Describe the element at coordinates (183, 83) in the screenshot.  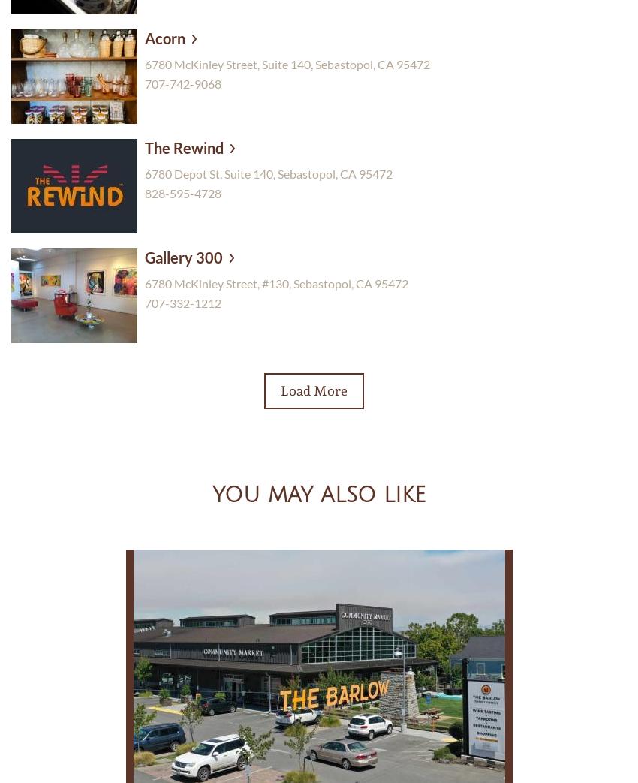
I see `'707-742-9068'` at that location.